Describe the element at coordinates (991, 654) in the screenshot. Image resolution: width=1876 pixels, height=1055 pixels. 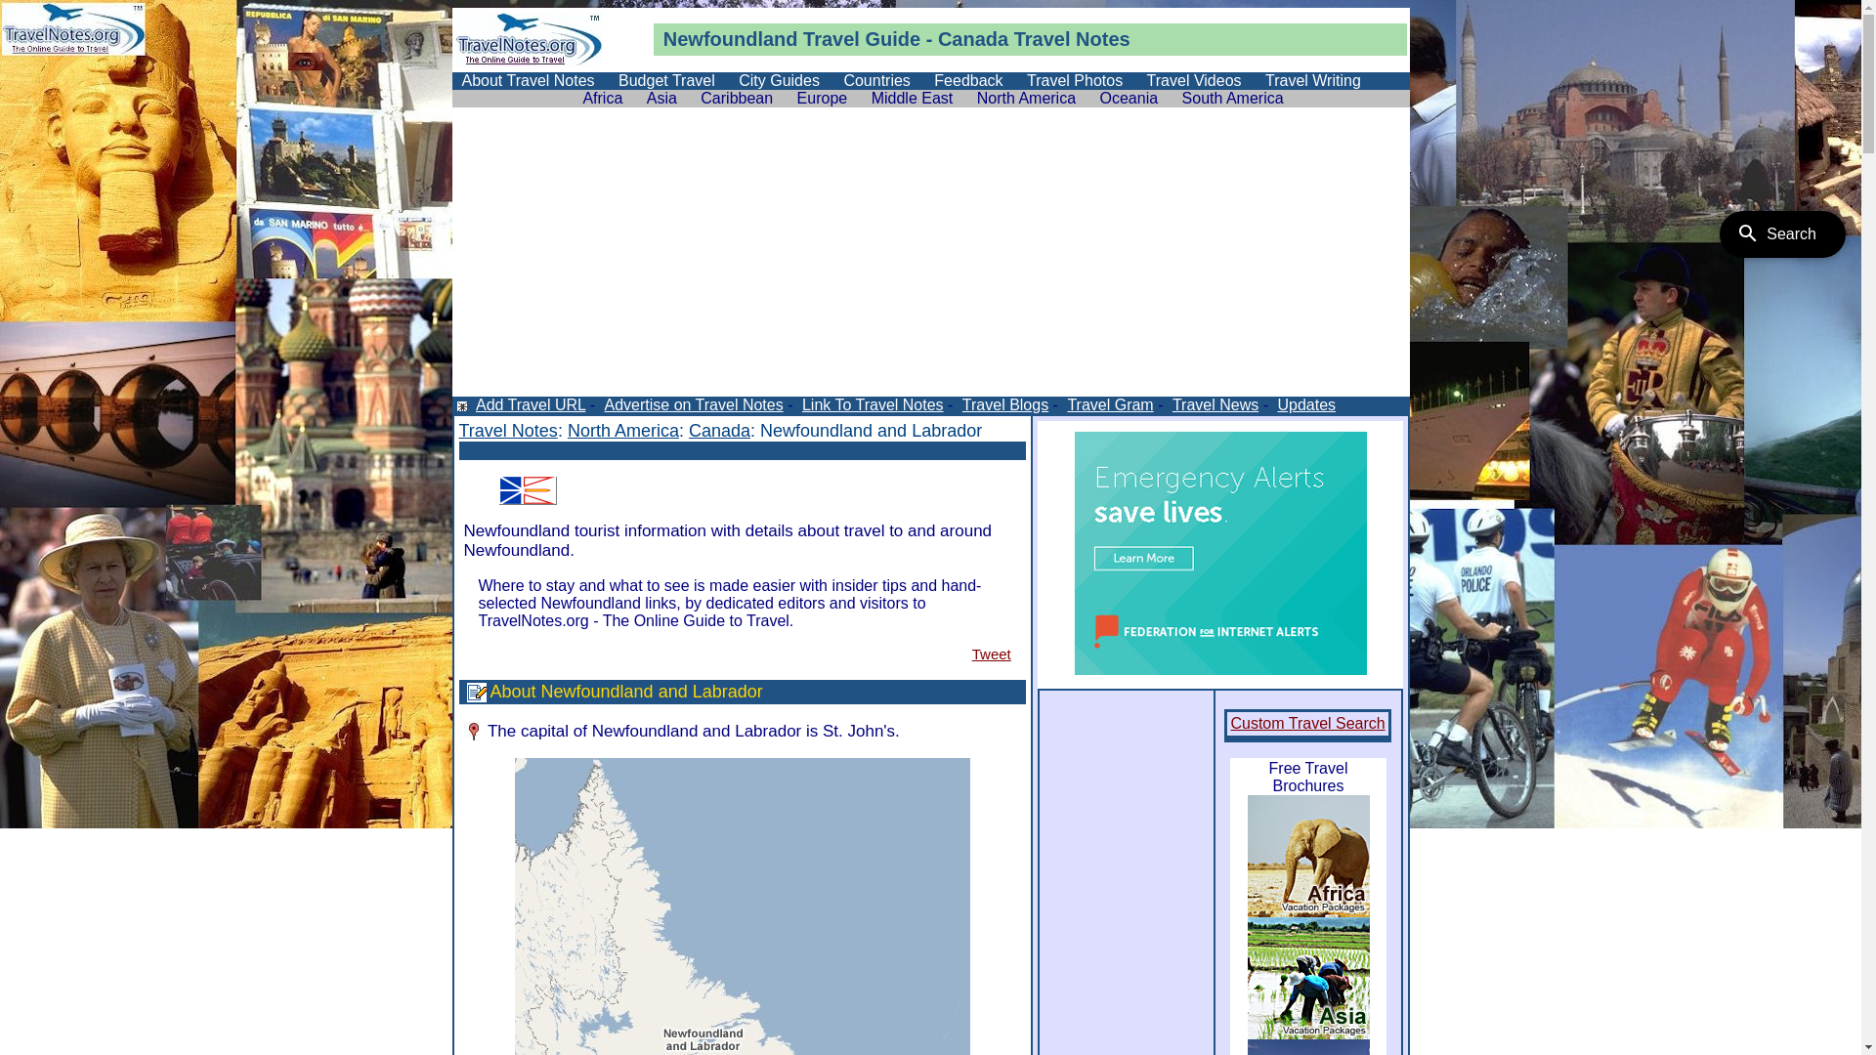
I see `'Tweet'` at that location.